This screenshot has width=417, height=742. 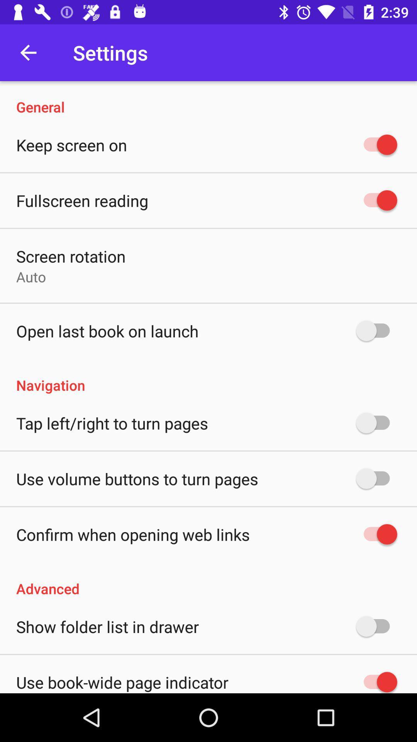 I want to click on general, so click(x=208, y=98).